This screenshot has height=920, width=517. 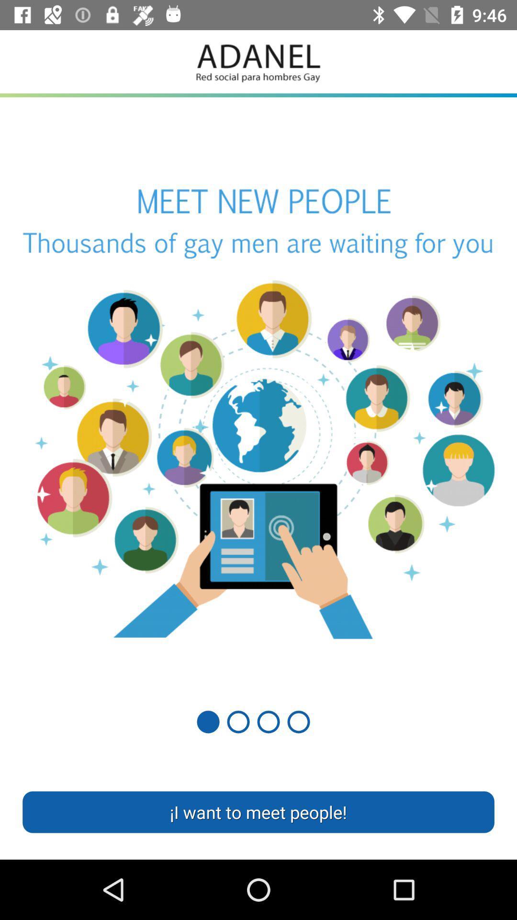 What do you see at coordinates (258, 811) in the screenshot?
I see `i want to icon` at bounding box center [258, 811].